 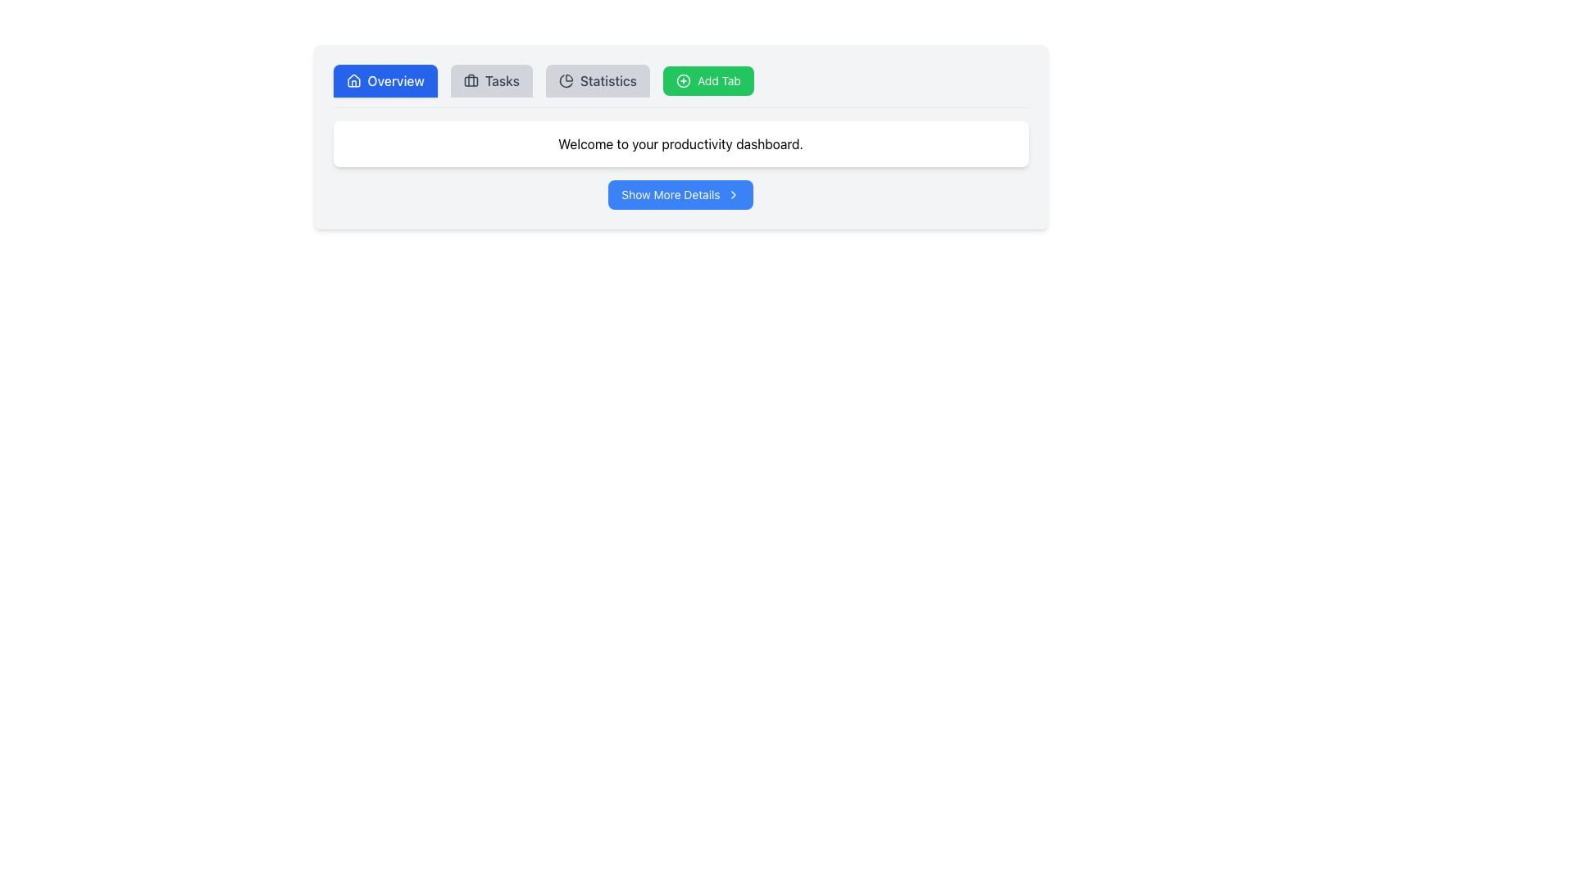 What do you see at coordinates (684, 81) in the screenshot?
I see `the circular icon with a green background and plus symbol located within the 'Add Tab' button in the top navigation bar` at bounding box center [684, 81].